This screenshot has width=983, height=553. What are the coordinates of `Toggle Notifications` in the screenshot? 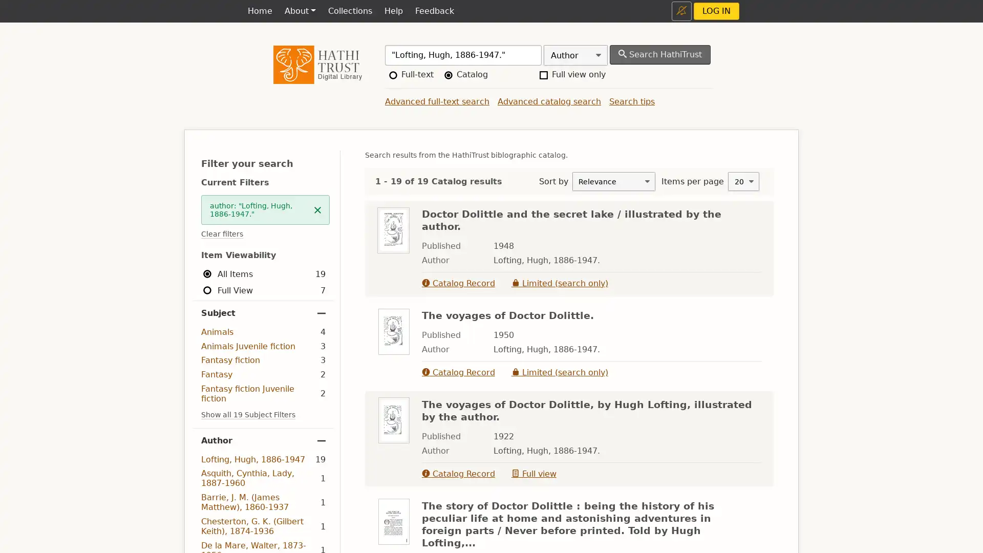 It's located at (681, 11).